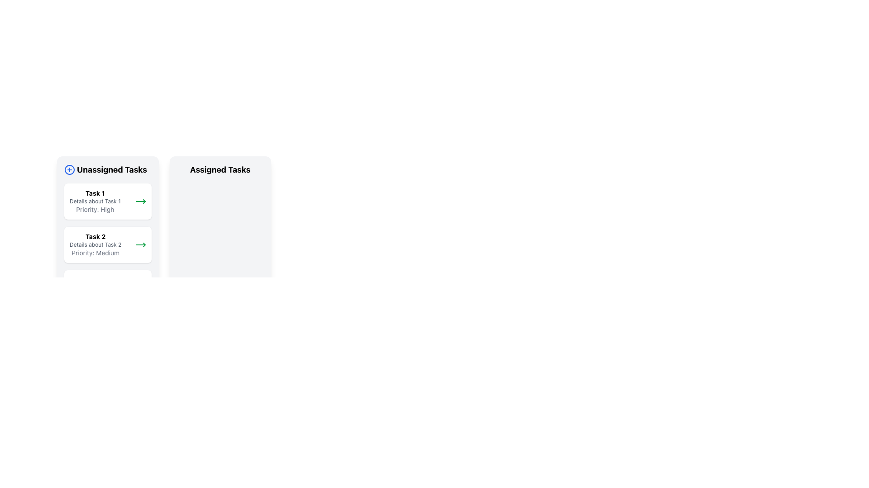 This screenshot has width=869, height=488. Describe the element at coordinates (69, 169) in the screenshot. I see `the SVG Circle associated with the 'circle-plus' class, located above 'Unassigned Tasks' in the left panel of the interface` at that location.